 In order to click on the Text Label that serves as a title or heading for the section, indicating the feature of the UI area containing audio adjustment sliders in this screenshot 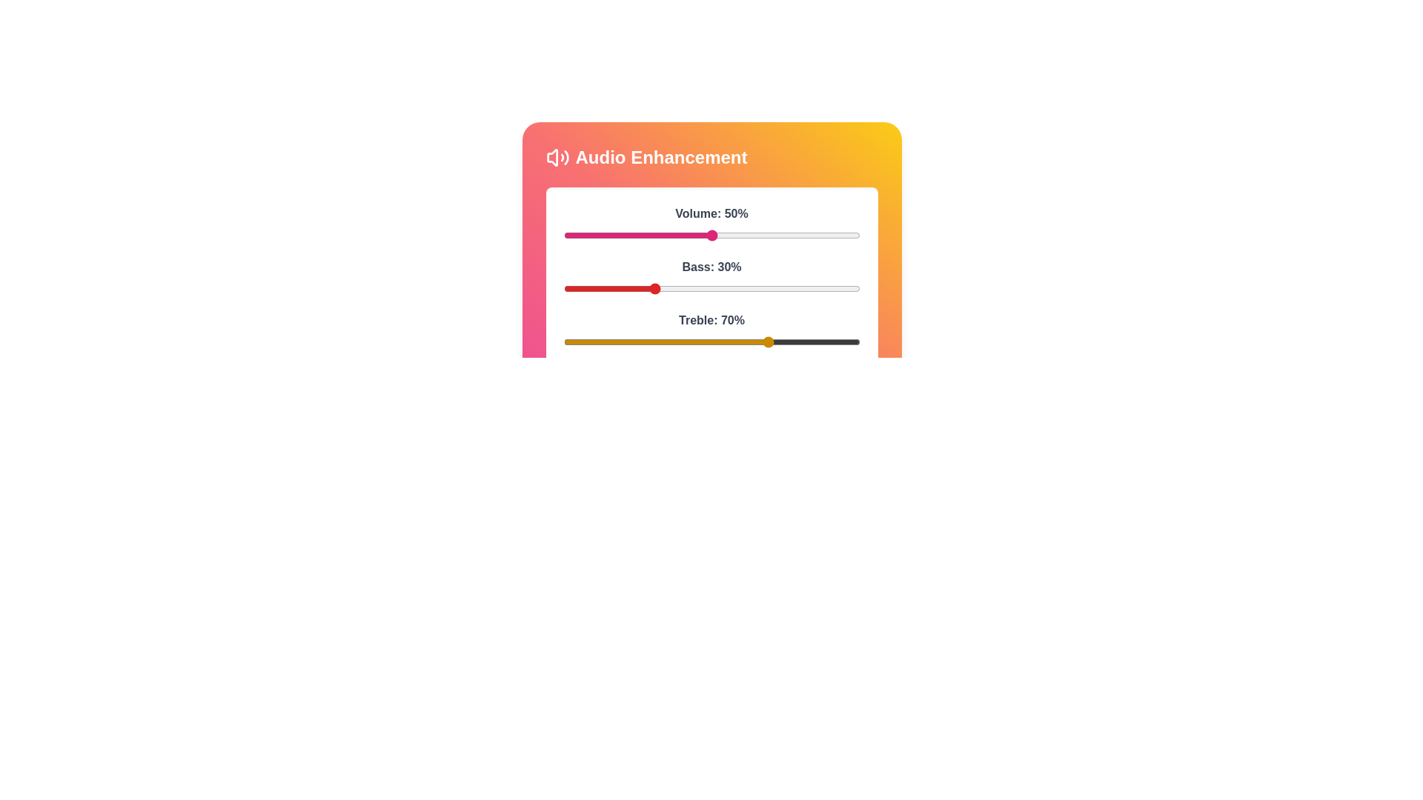, I will do `click(660, 157)`.